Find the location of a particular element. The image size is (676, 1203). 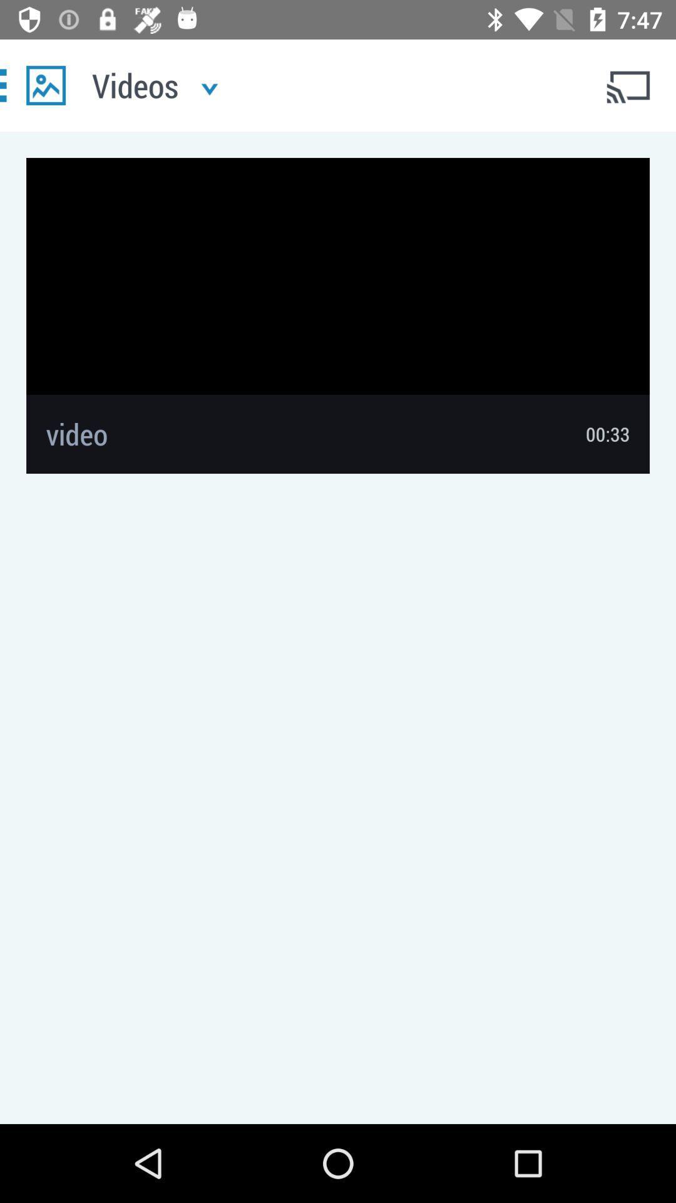

the wallpaper icon is located at coordinates (45, 85).